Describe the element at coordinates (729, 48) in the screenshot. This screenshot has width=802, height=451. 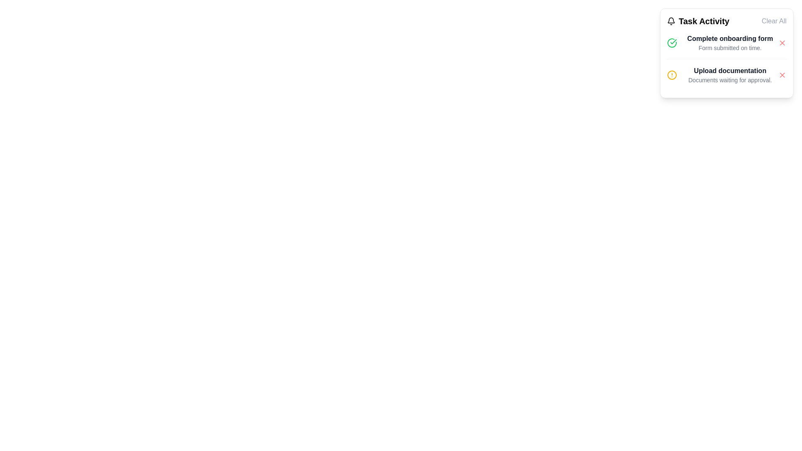
I see `the text snippet reading 'Form submitted on time.' displayed in light gray font, located below the heading 'Complete onboarding form' in the 'Task Activity' panel` at that location.